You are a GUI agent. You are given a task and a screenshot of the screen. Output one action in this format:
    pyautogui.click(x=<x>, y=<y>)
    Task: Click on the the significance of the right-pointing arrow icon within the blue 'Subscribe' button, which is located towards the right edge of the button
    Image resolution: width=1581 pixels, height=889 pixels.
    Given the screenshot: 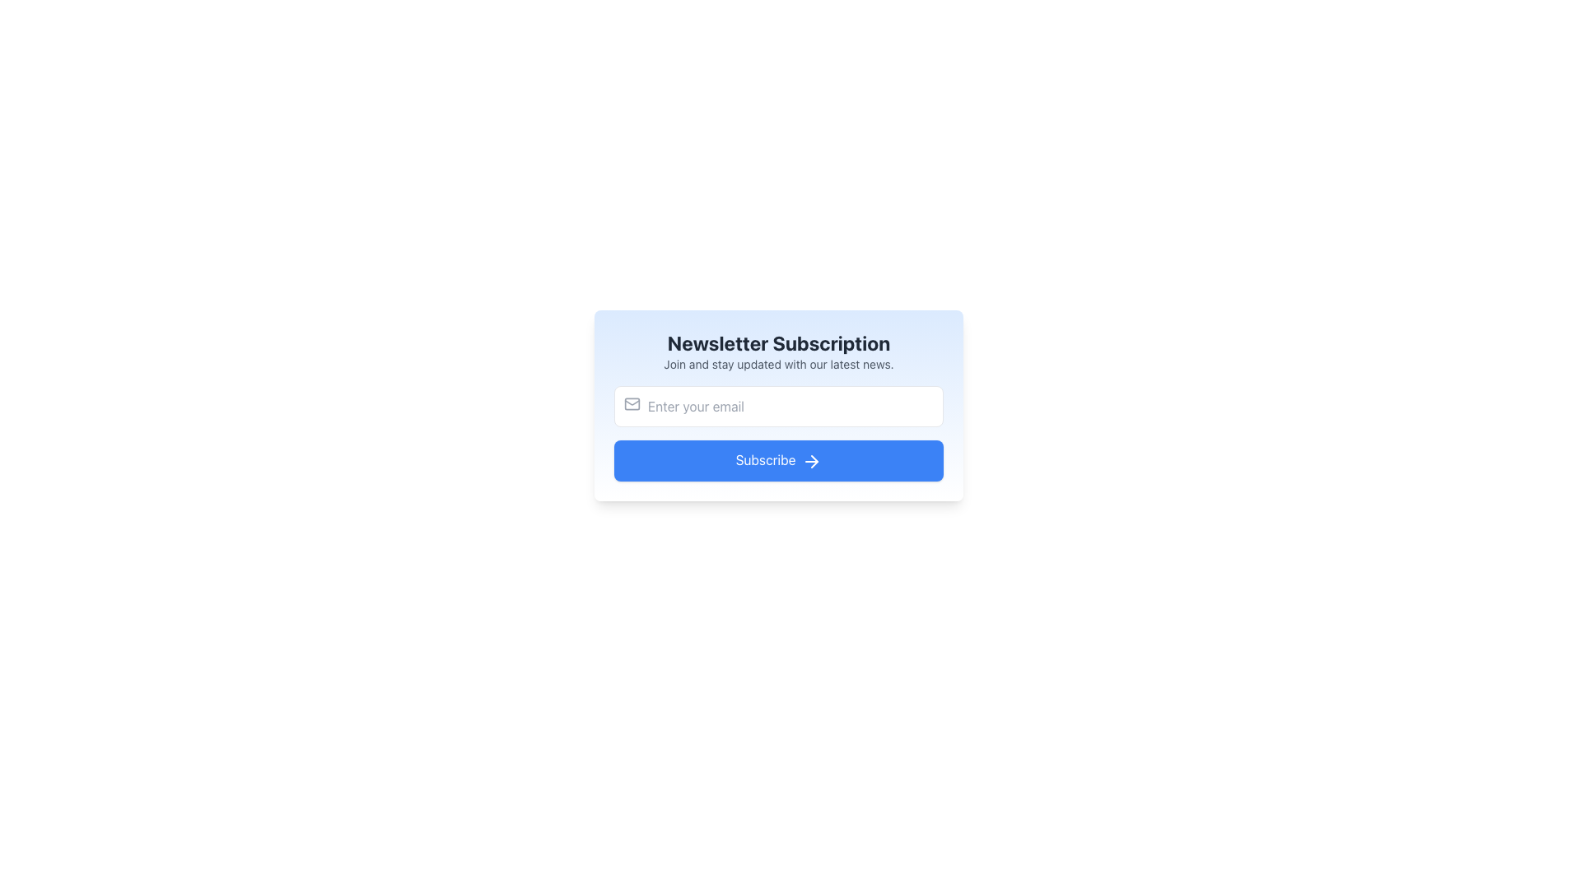 What is the action you would take?
    pyautogui.click(x=812, y=461)
    